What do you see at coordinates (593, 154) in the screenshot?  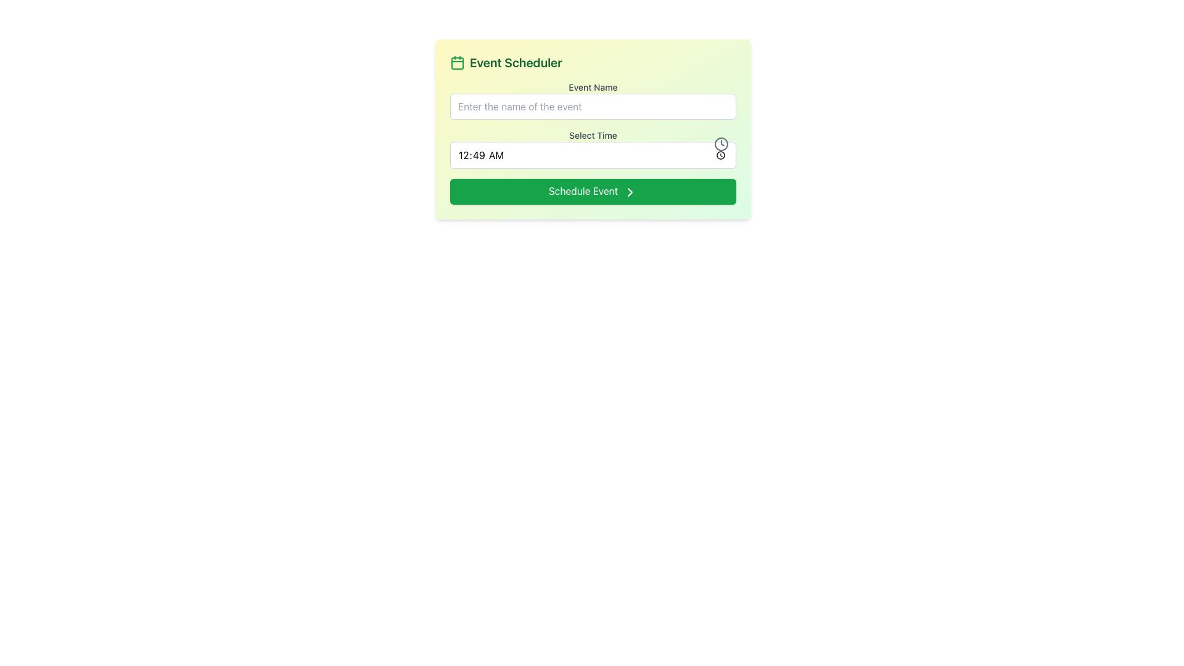 I see `the time` at bounding box center [593, 154].